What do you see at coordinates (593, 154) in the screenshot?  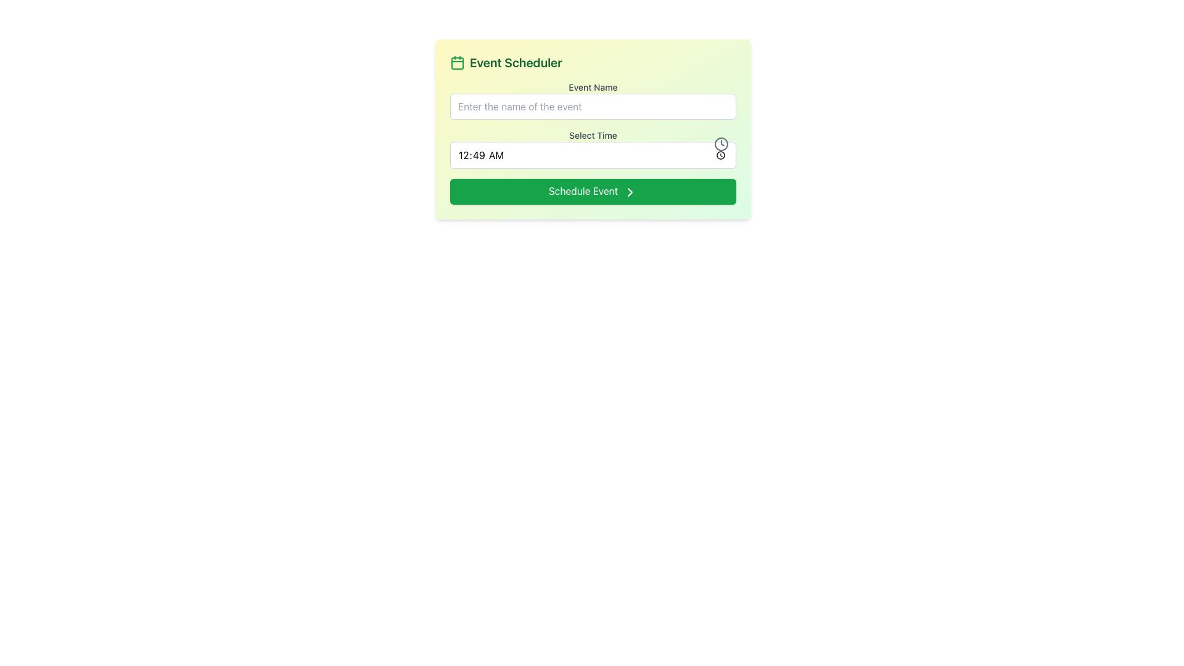 I see `the time` at bounding box center [593, 154].